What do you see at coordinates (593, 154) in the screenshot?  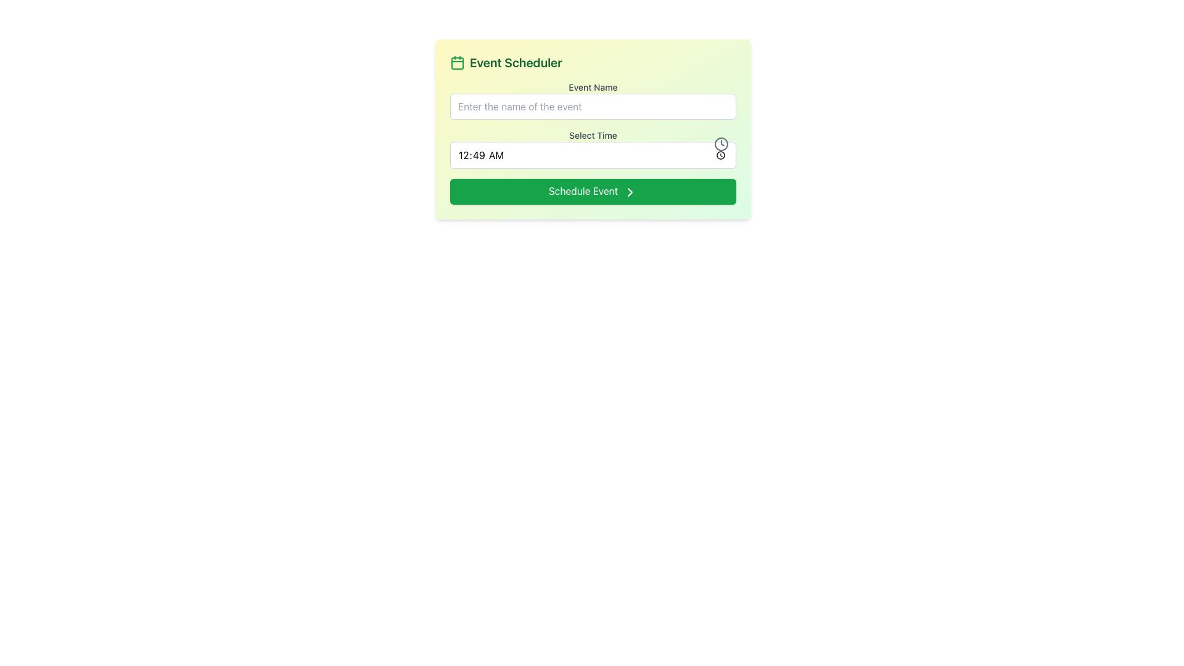 I see `the time` at bounding box center [593, 154].